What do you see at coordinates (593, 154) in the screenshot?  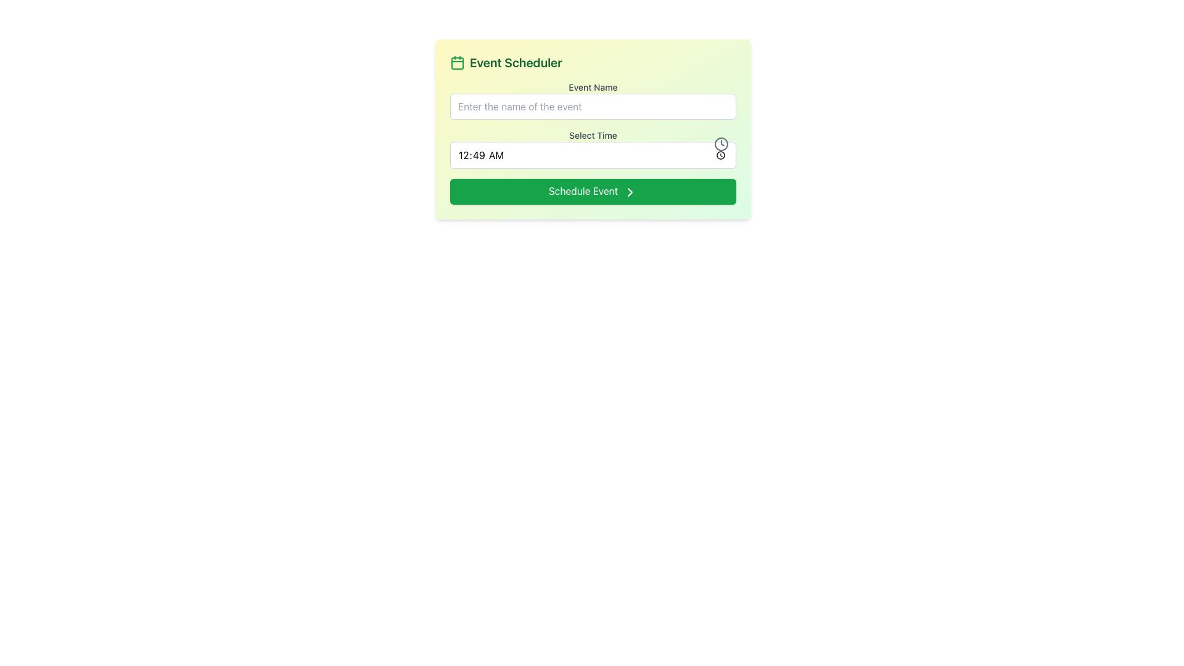 I see `the time` at bounding box center [593, 154].